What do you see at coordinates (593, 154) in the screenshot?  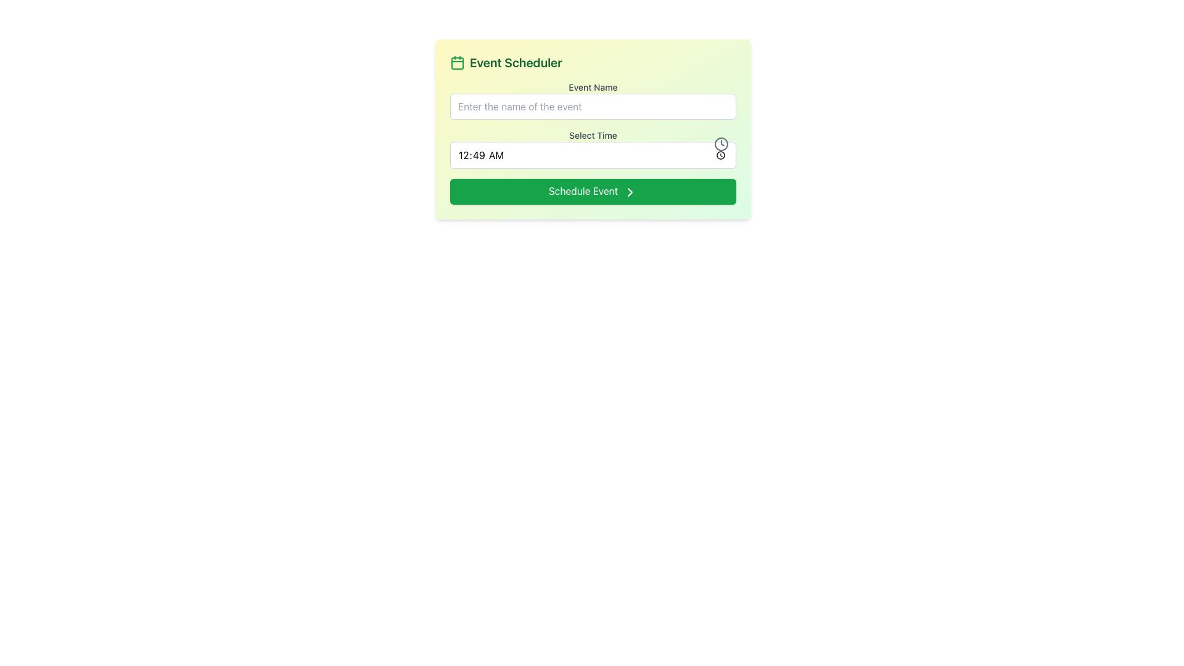 I see `the time` at bounding box center [593, 154].